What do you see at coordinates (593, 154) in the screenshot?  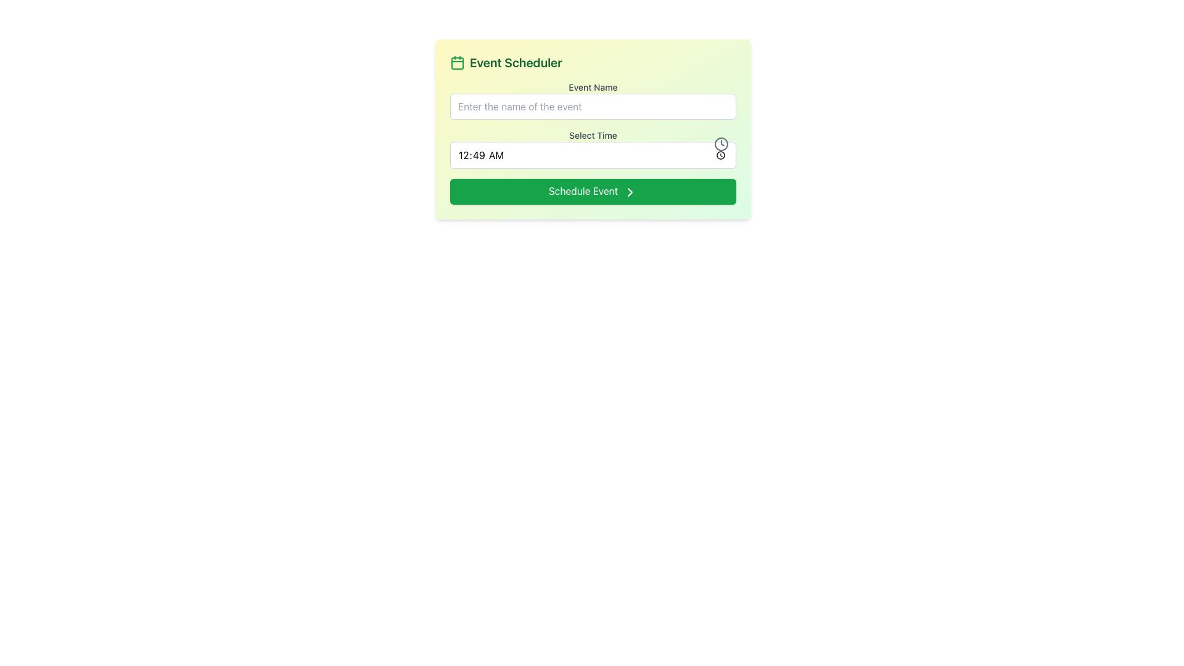 I see `the time` at bounding box center [593, 154].